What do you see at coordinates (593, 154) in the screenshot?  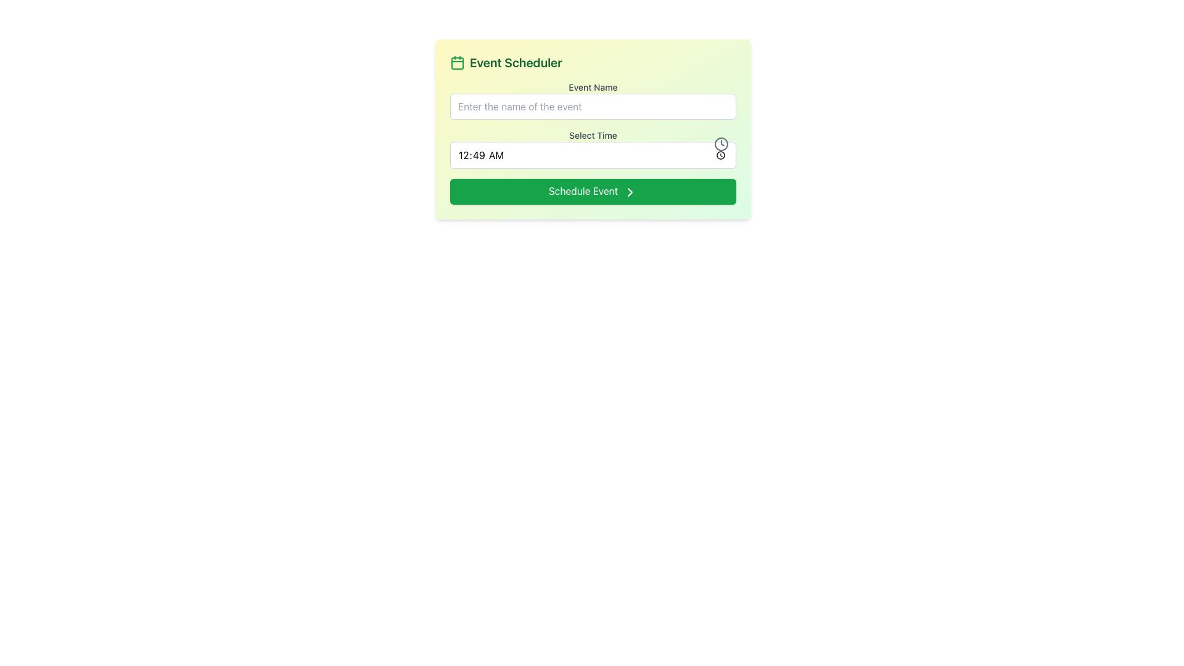 I see `the time` at bounding box center [593, 154].